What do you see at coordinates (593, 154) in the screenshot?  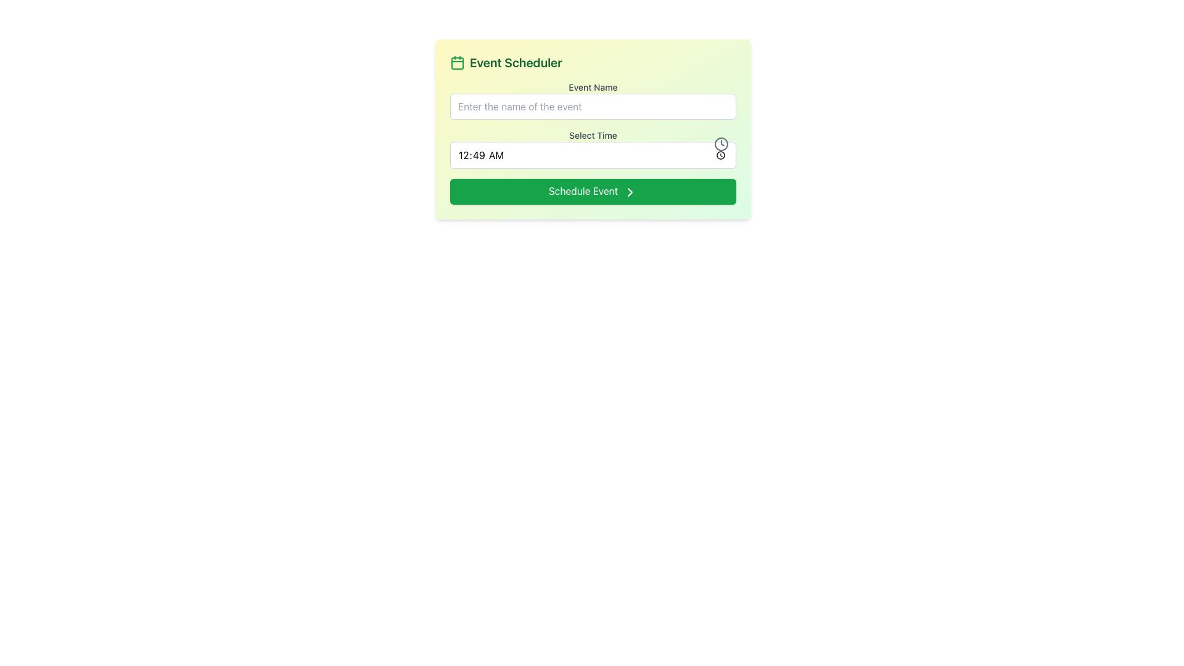 I see `the time` at bounding box center [593, 154].